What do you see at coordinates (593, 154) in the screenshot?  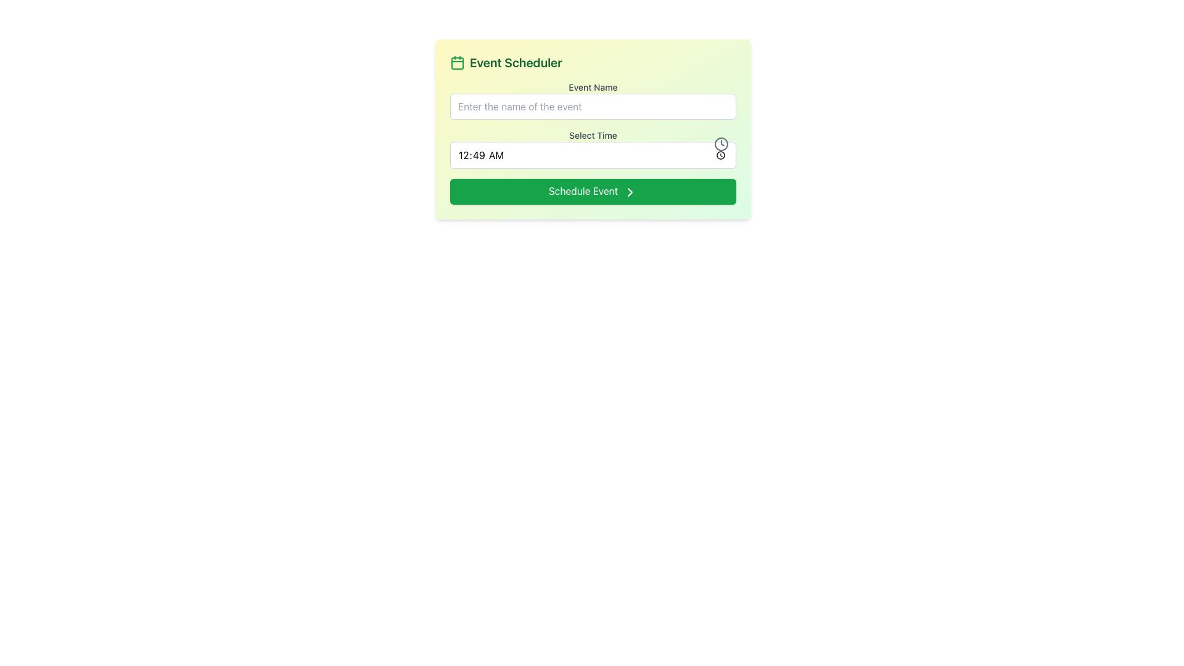 I see `the time` at bounding box center [593, 154].